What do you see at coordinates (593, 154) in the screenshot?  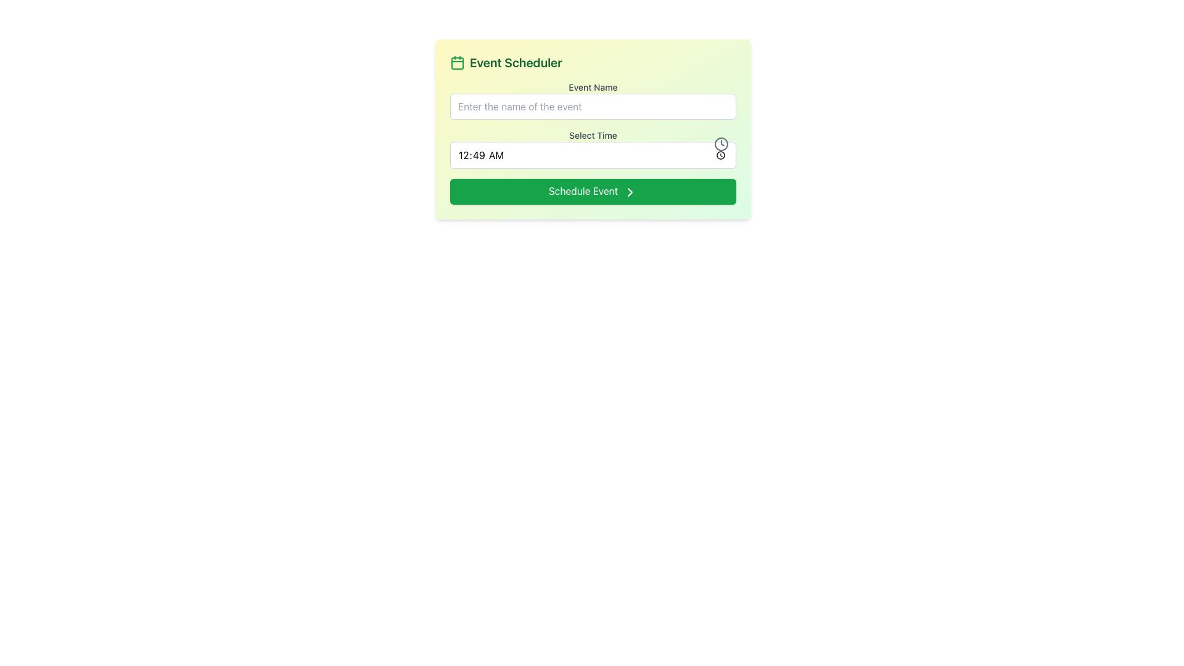 I see `the time` at bounding box center [593, 154].